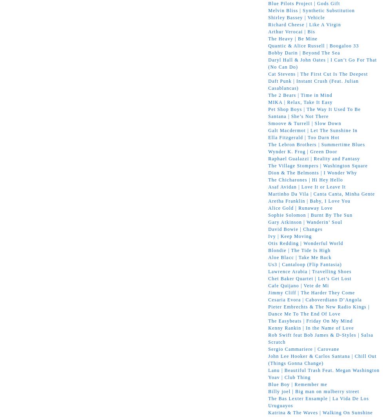  I want to click on 'Smoove & Turrell | Slow Down', so click(305, 123).